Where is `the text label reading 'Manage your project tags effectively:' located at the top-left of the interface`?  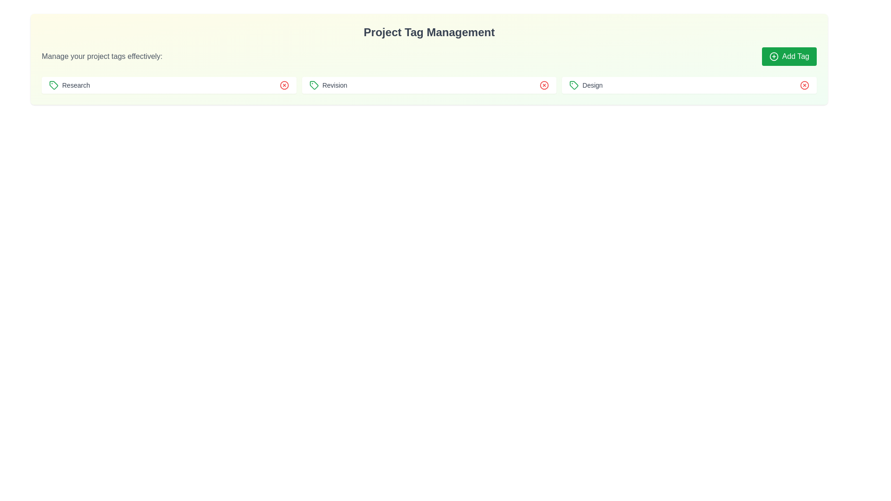 the text label reading 'Manage your project tags effectively:' located at the top-left of the interface is located at coordinates (102, 57).